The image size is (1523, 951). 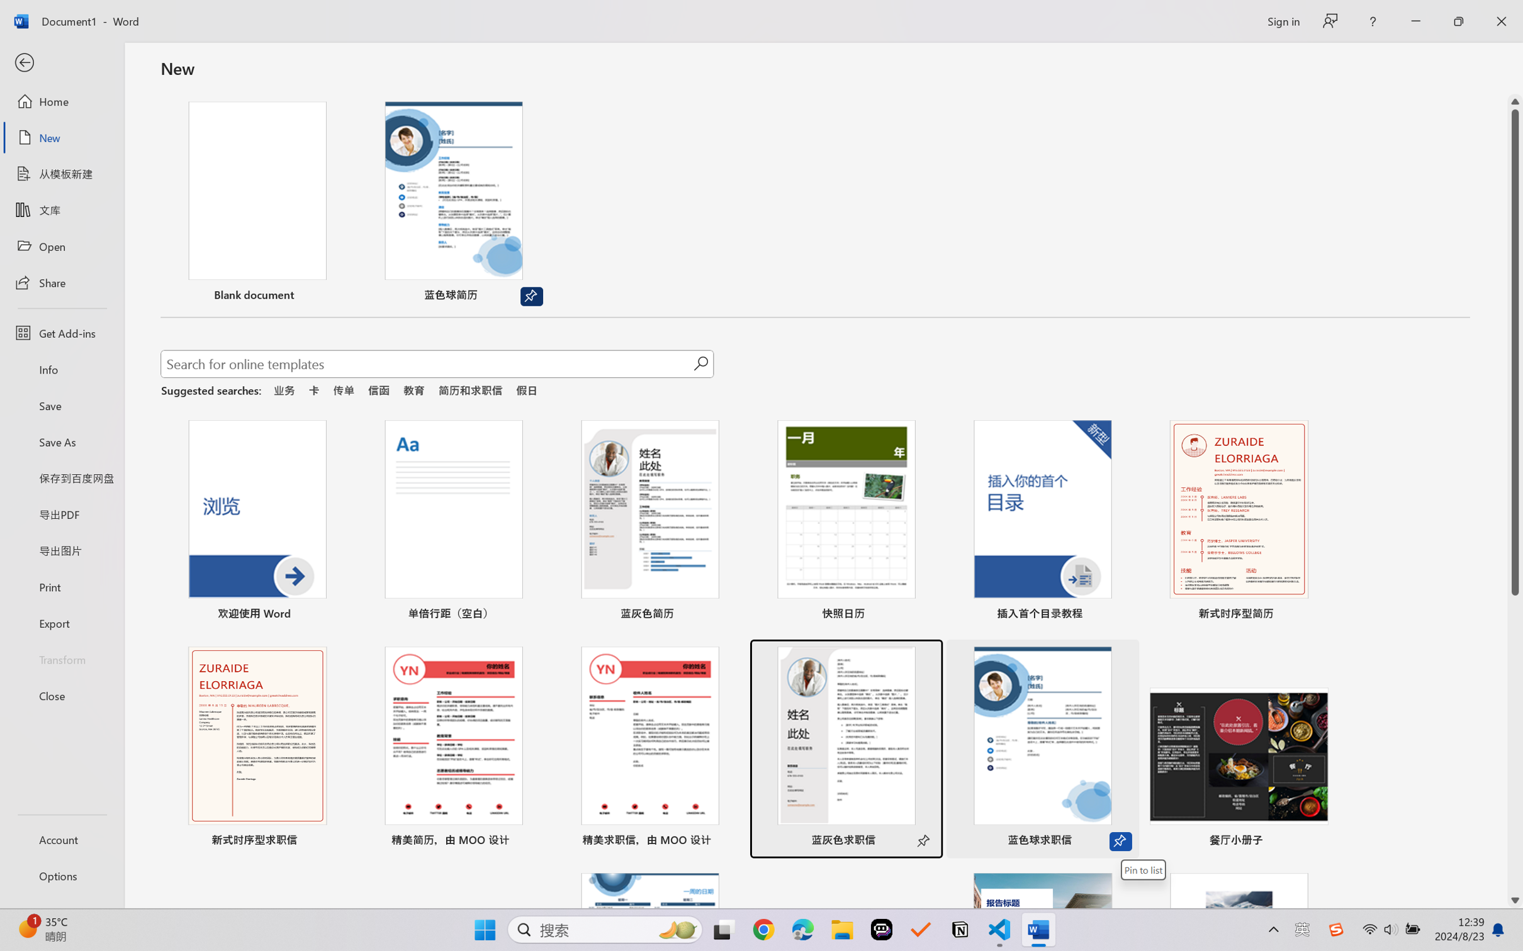 I want to click on 'Export', so click(x=61, y=622).